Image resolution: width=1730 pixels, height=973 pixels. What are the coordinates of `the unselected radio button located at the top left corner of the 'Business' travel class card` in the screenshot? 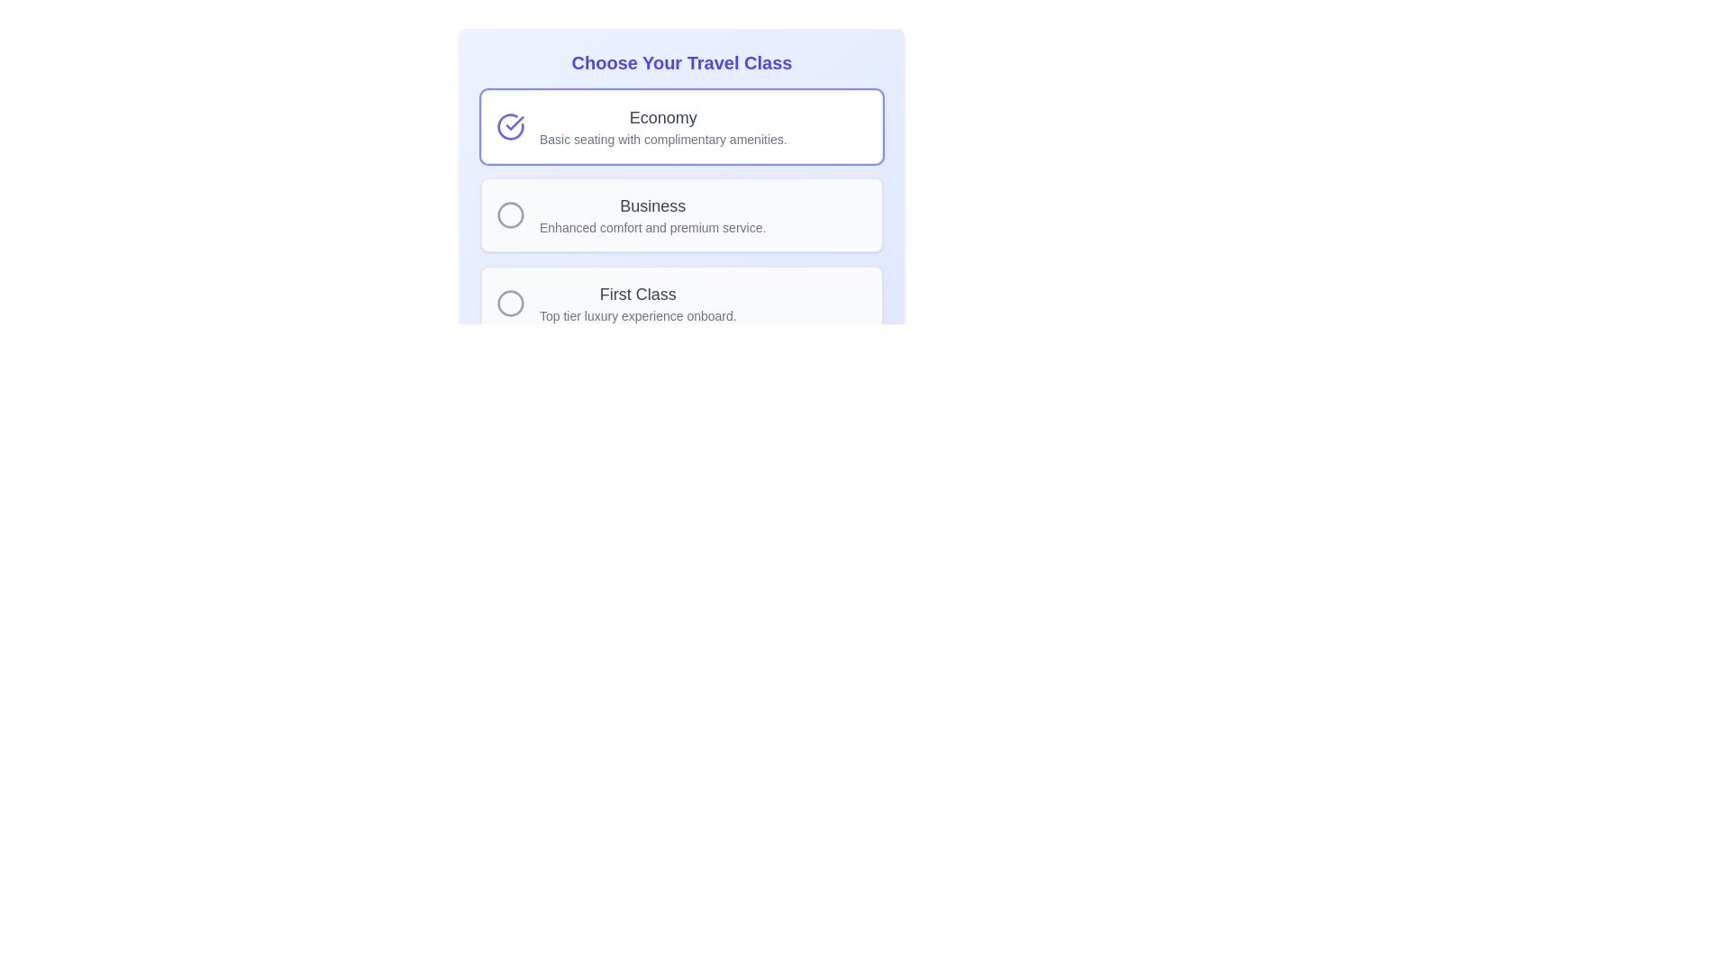 It's located at (517, 214).